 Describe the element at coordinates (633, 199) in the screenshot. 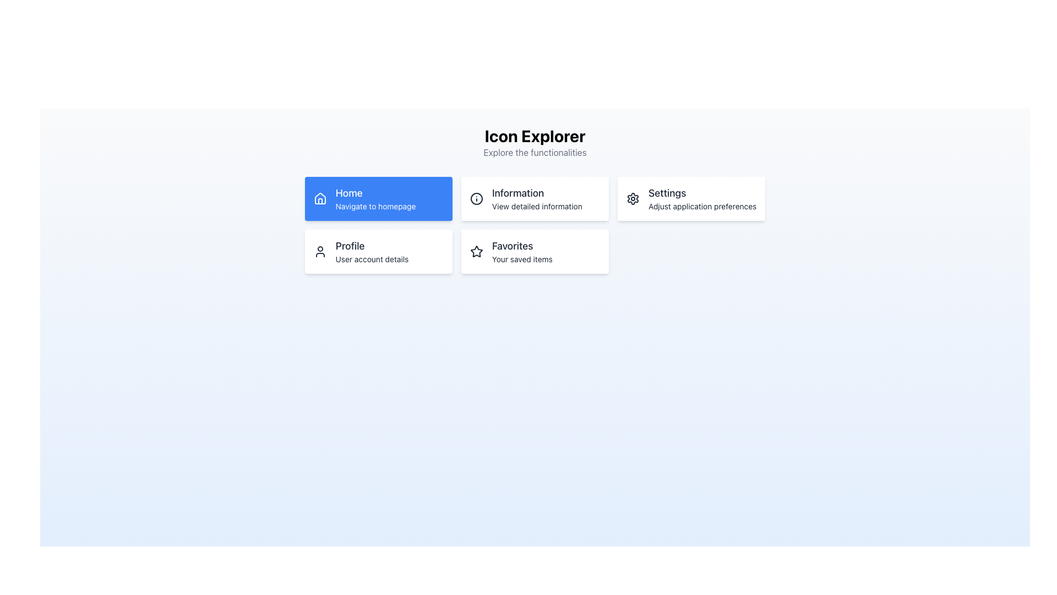

I see `the gear-shaped SVG icon` at that location.